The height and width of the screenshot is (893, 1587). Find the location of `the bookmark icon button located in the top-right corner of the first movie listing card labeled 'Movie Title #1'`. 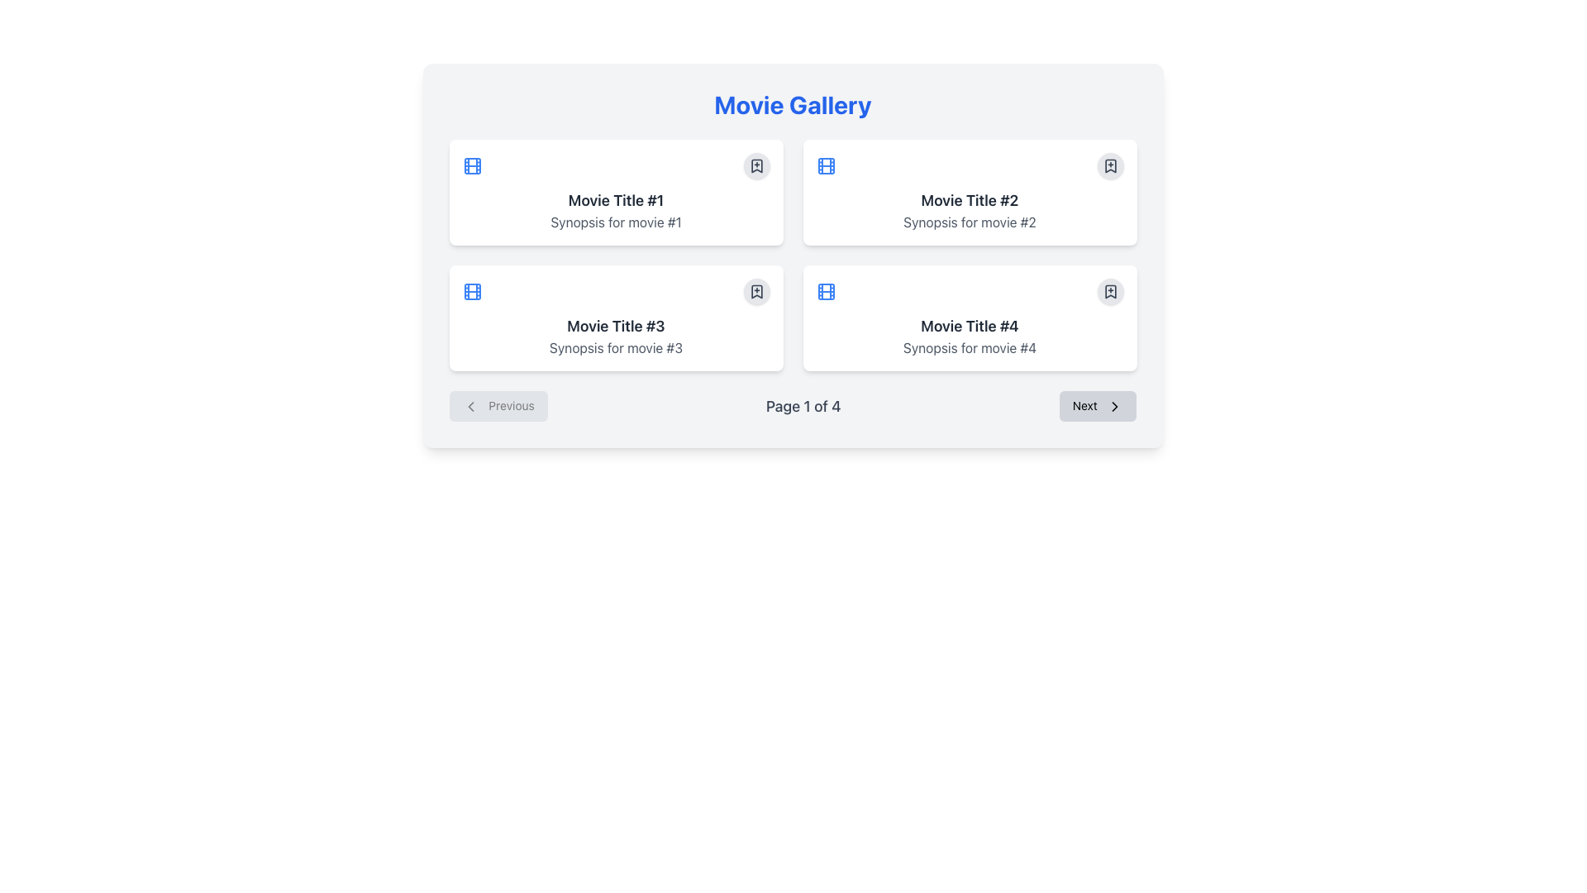

the bookmark icon button located in the top-right corner of the first movie listing card labeled 'Movie Title #1' is located at coordinates (755, 165).